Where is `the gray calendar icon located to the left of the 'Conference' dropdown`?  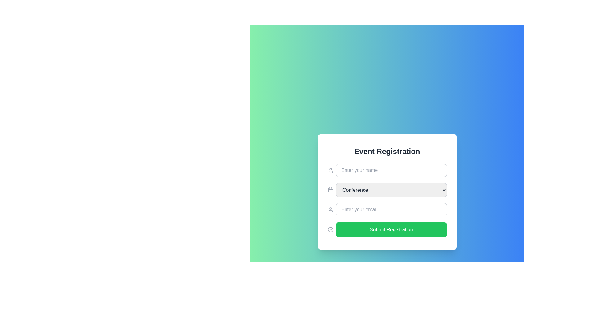
the gray calendar icon located to the left of the 'Conference' dropdown is located at coordinates (330, 189).